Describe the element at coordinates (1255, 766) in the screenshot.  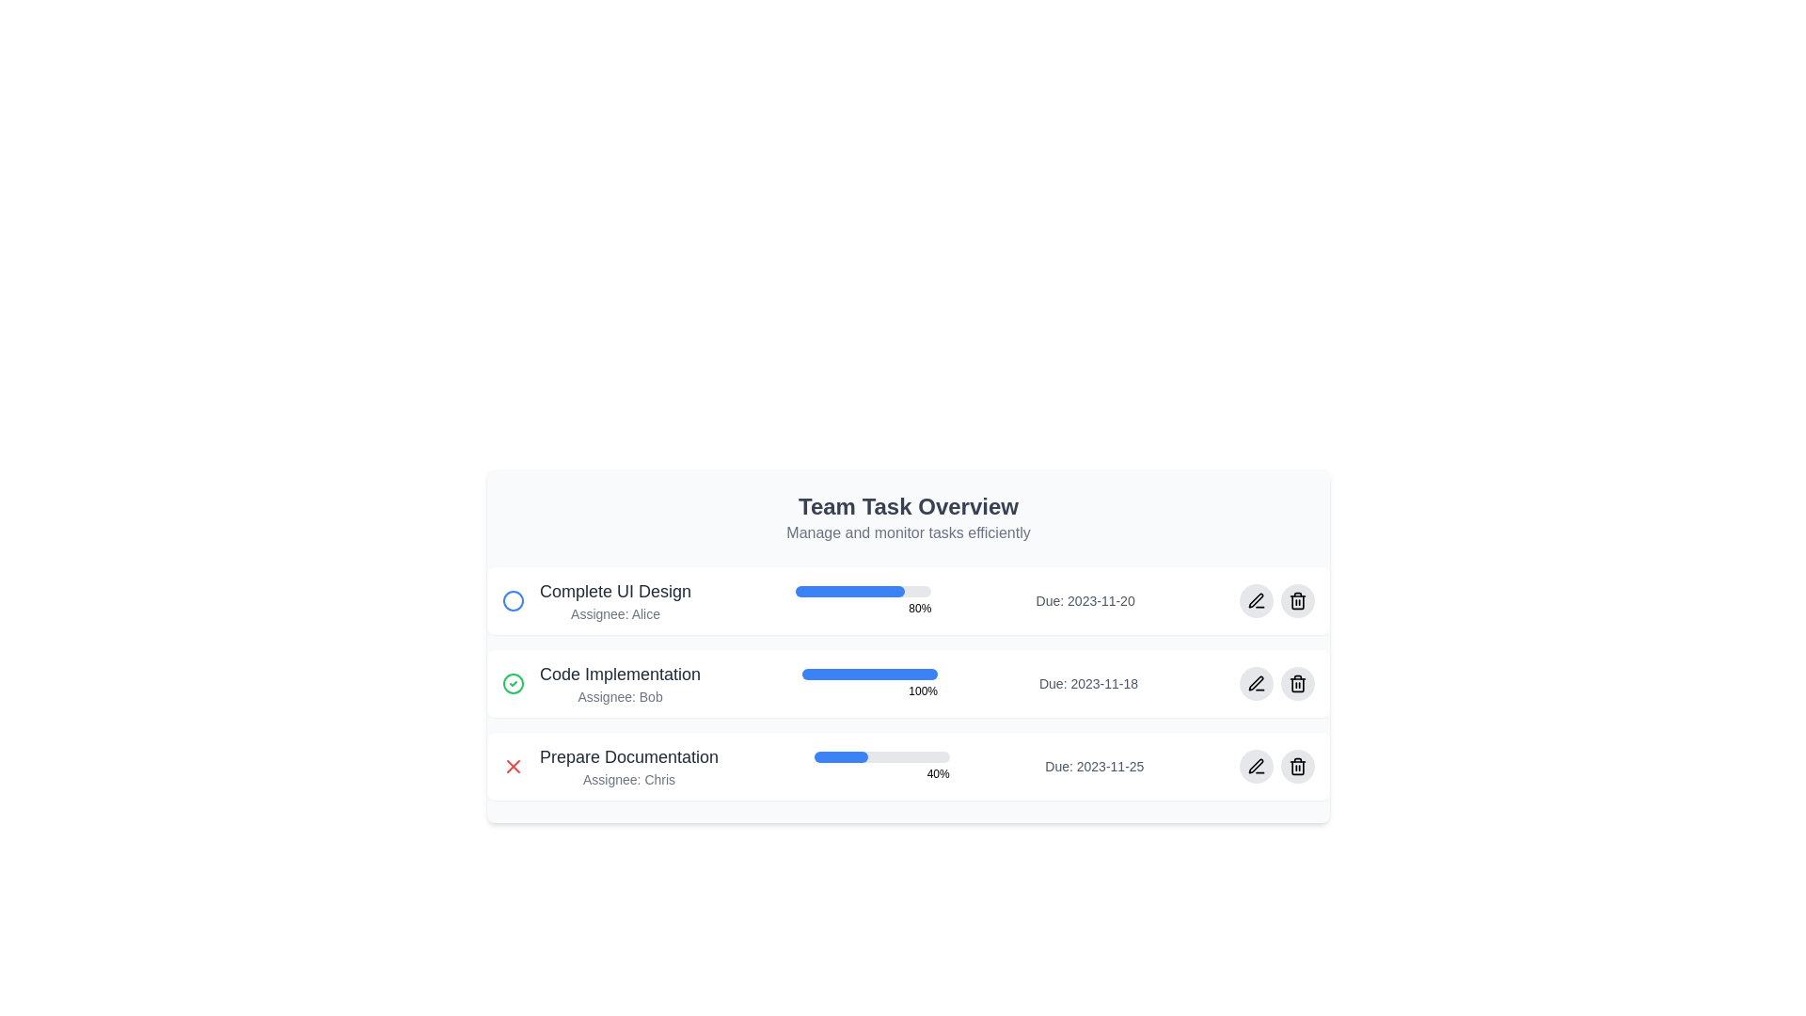
I see `the circular button with a gray background and a pen icon located in the bottom-right corner of the 'Prepare Documentation' card` at that location.